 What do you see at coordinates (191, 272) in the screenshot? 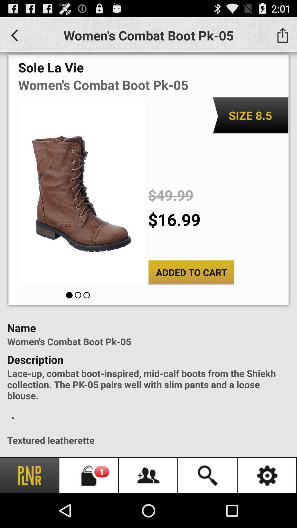
I see `added to cart` at bounding box center [191, 272].